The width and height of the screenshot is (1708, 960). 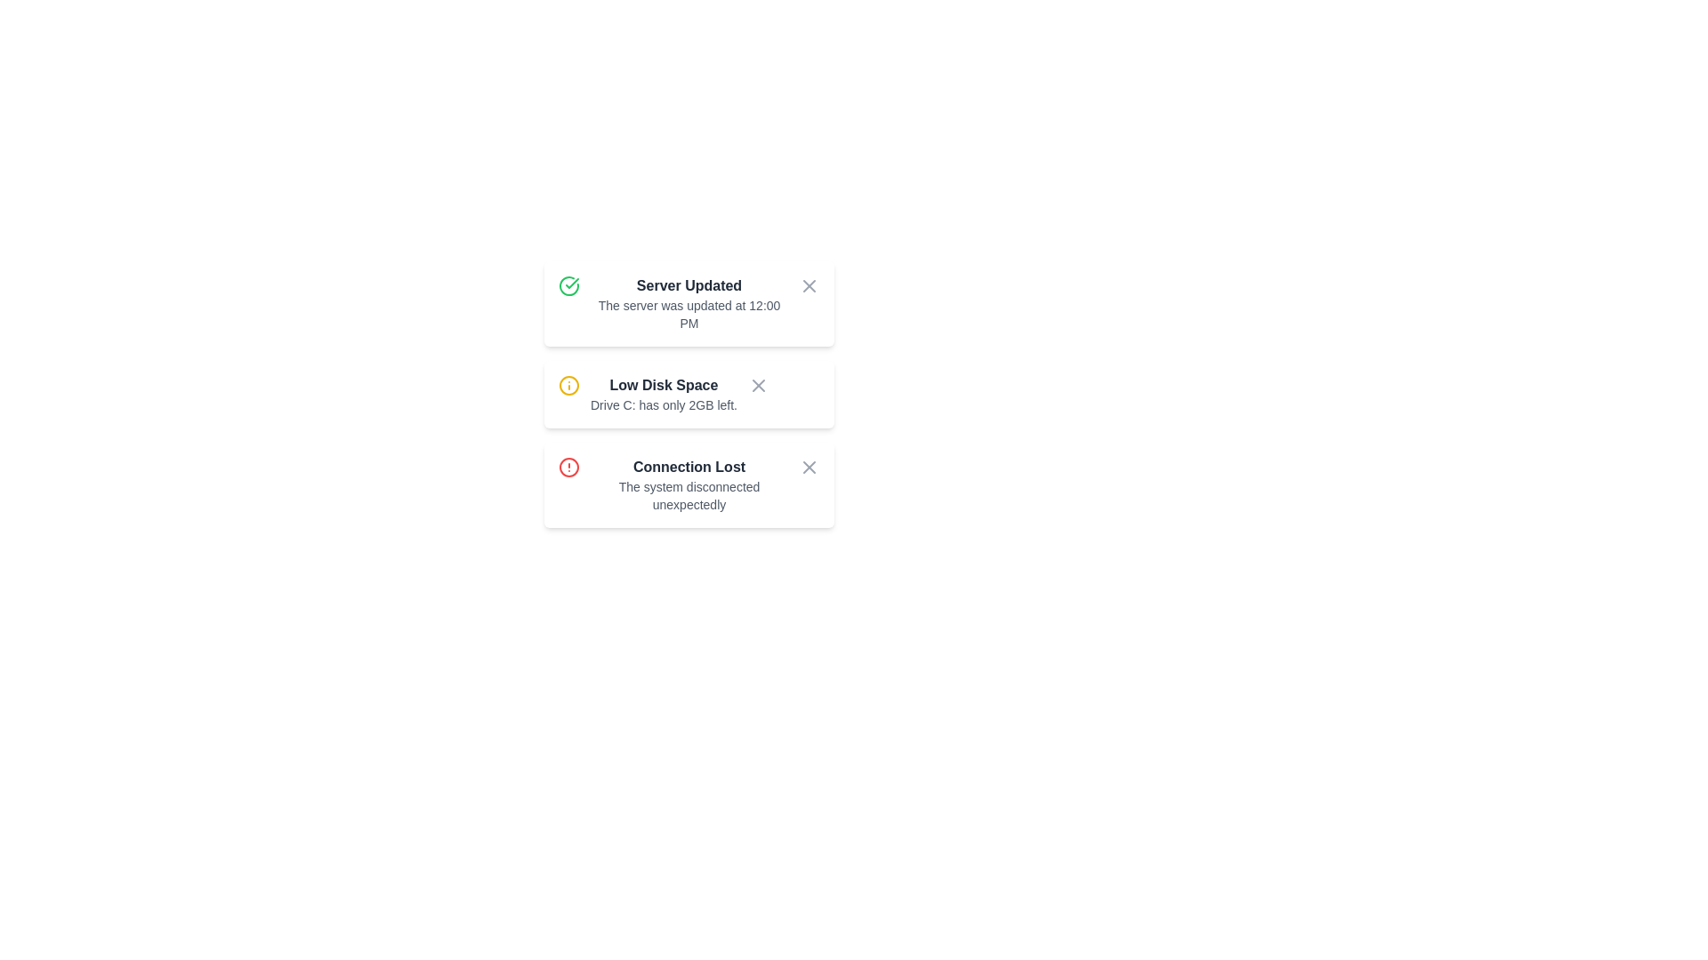 I want to click on text label that reads 'Server Updated', which is styled in bold and dark gray color, located at the top of the notification panel, so click(x=688, y=284).